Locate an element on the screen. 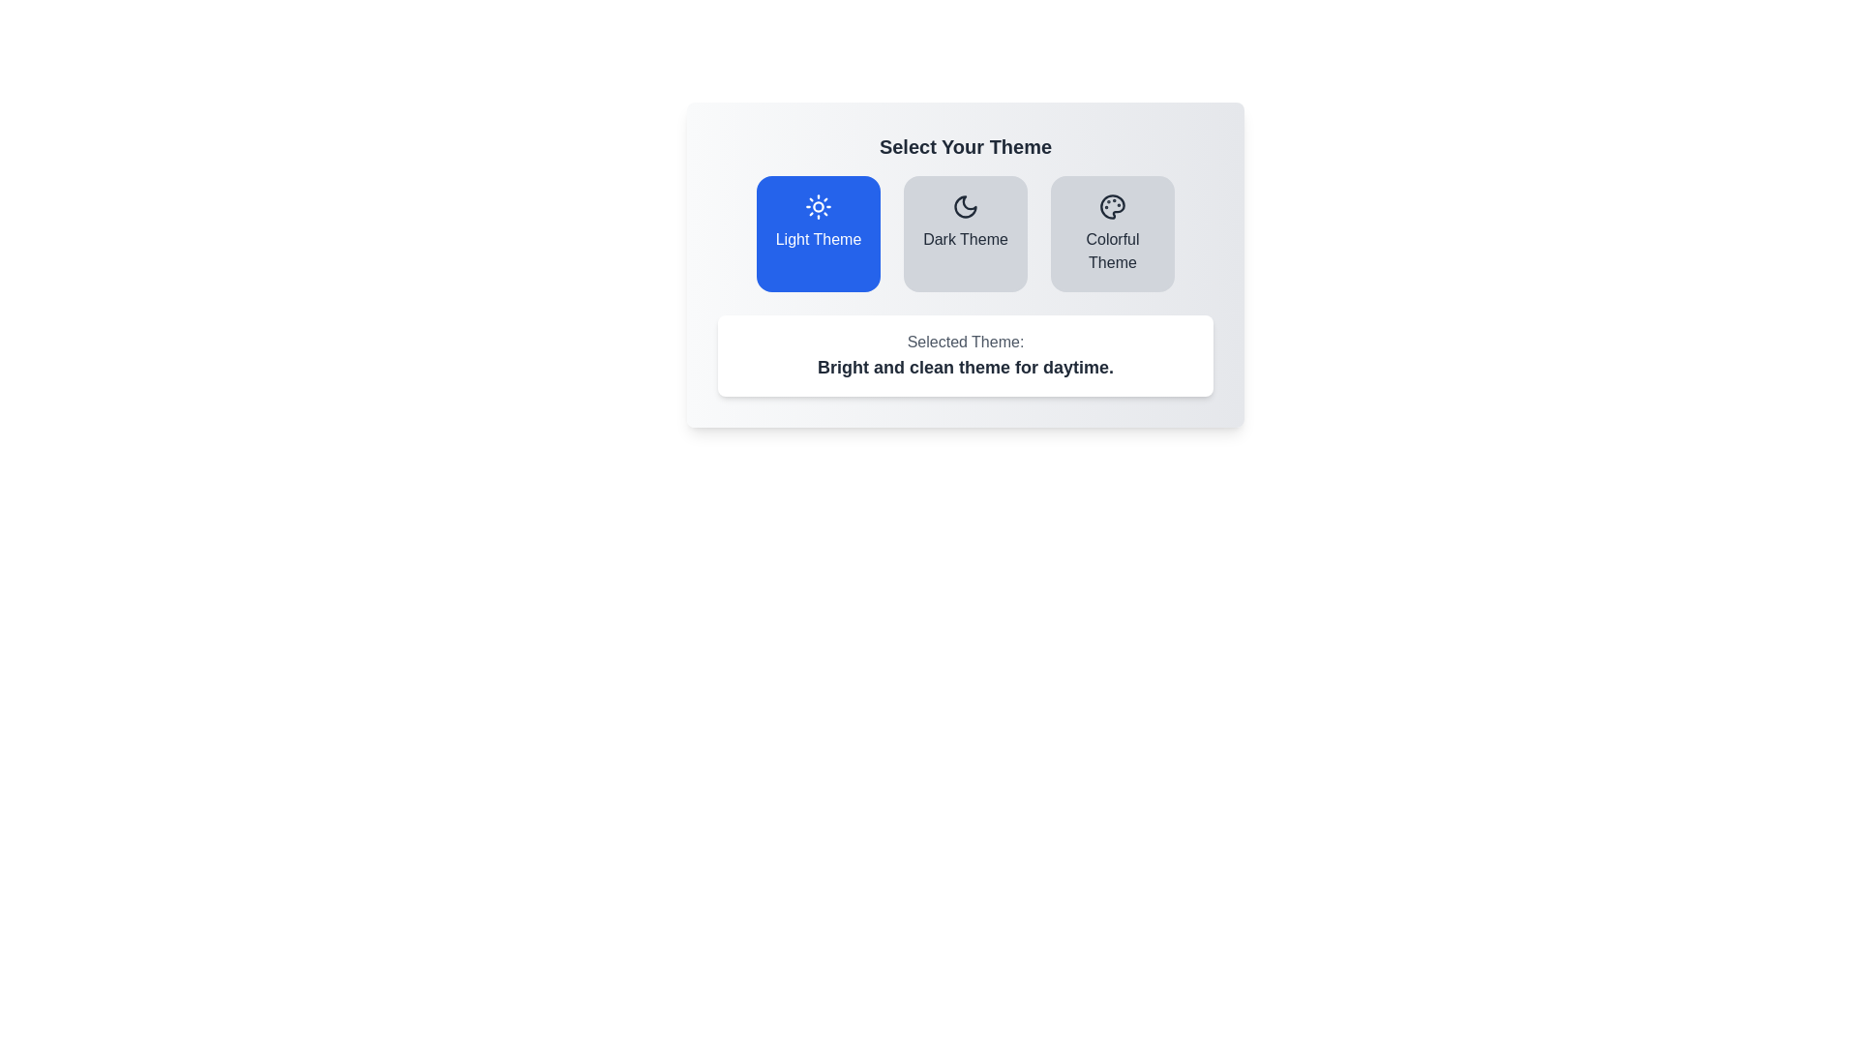  the theme Light Theme by clicking its corresponding button is located at coordinates (818, 233).